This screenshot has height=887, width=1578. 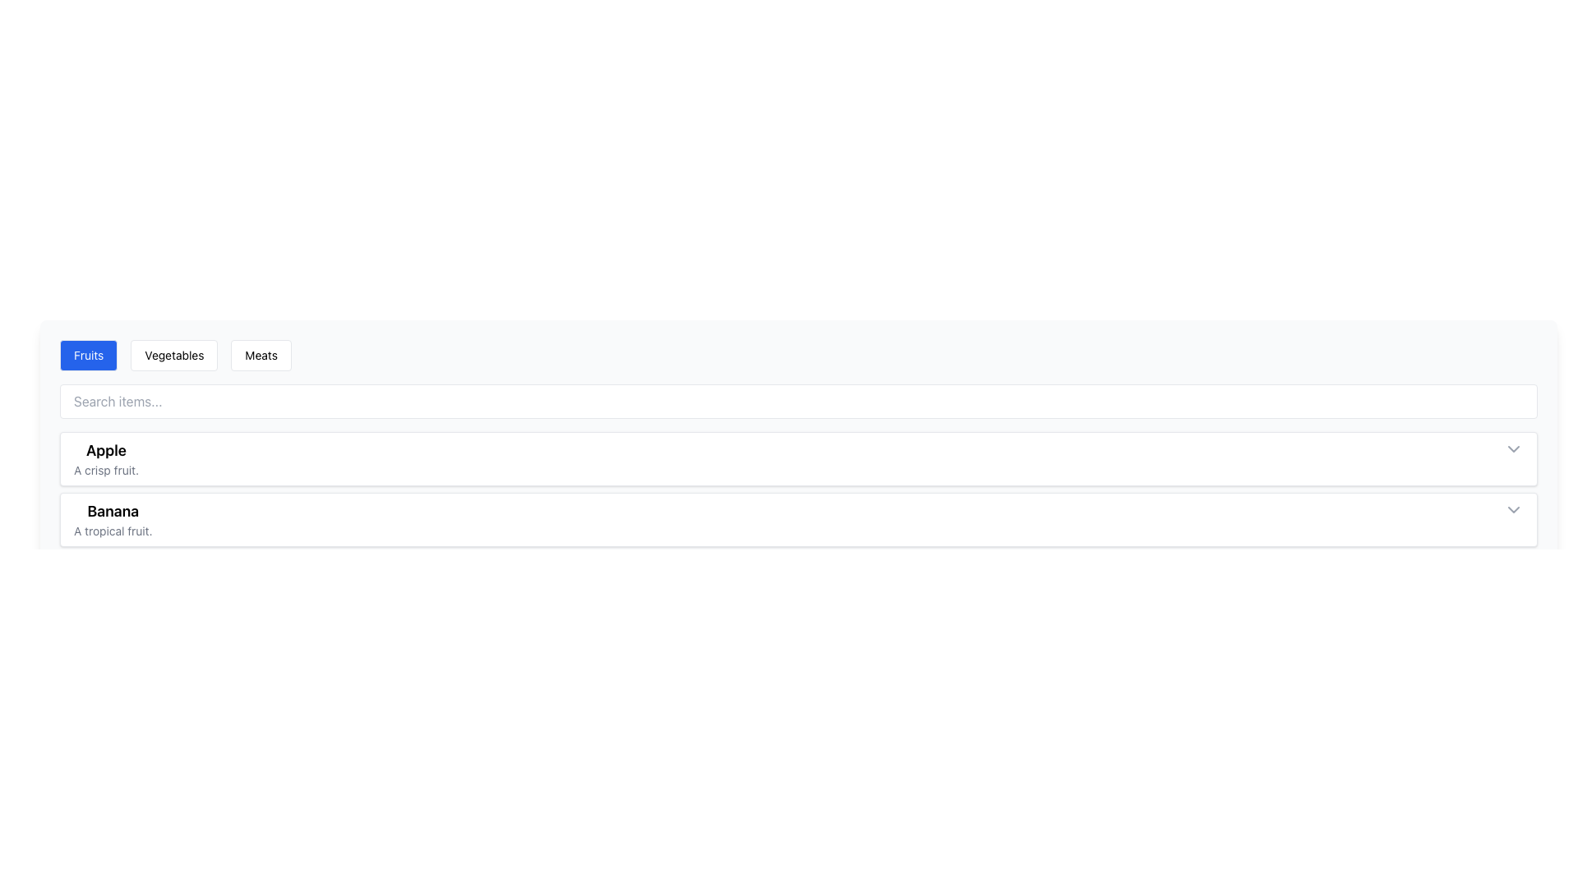 I want to click on the icon located at the right end of the section displaying the label 'Banana' and its description, so click(x=1513, y=509).